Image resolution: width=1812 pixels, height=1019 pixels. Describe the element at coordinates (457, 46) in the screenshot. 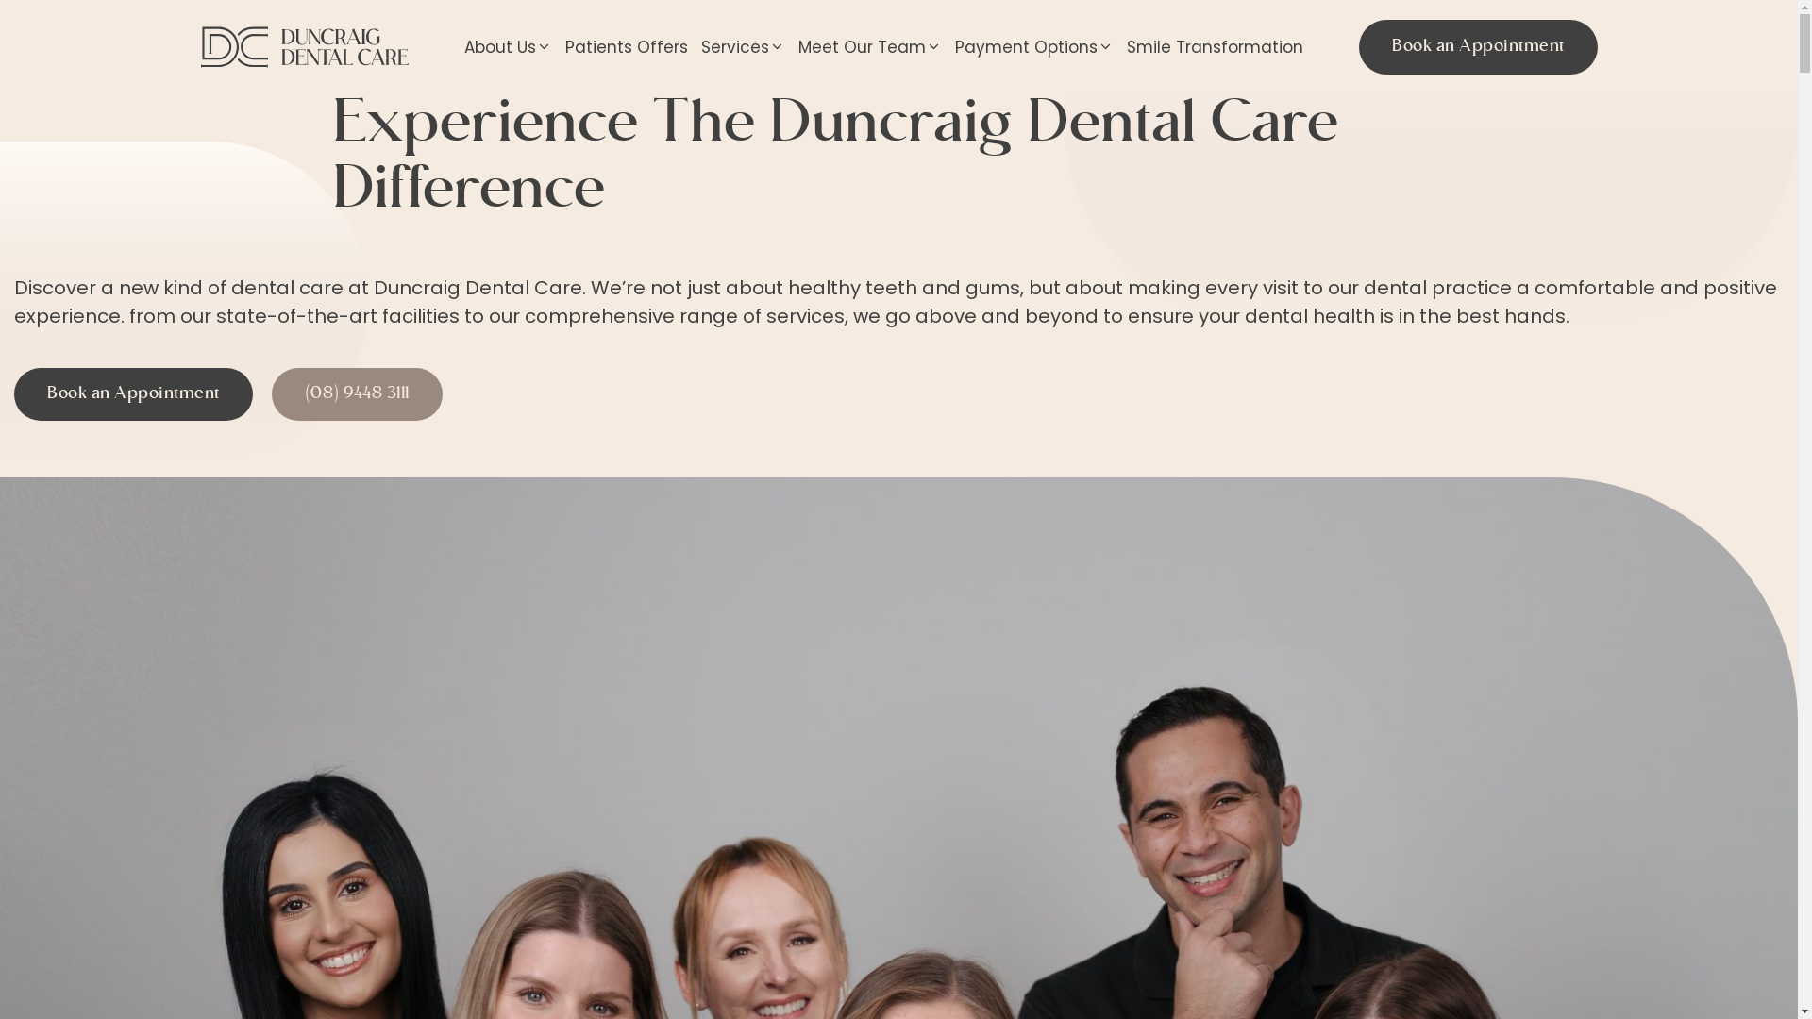

I see `'About Us'` at that location.